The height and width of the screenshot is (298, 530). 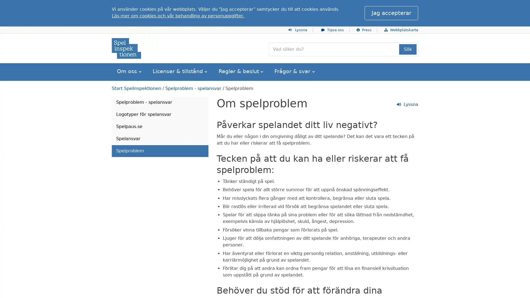 What do you see at coordinates (116, 7) in the screenshot?
I see `webReaders meny` at bounding box center [116, 7].